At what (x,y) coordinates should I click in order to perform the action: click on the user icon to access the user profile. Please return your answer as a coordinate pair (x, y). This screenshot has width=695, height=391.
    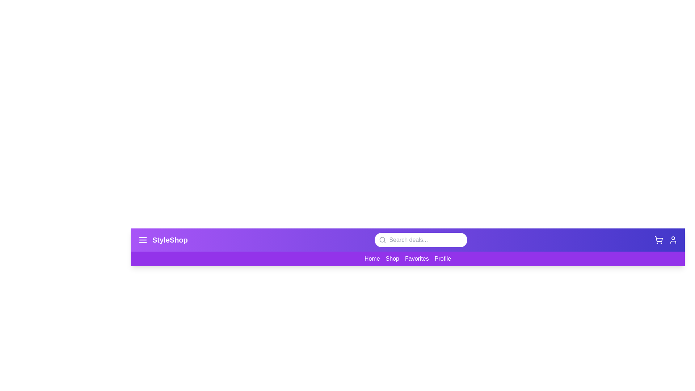
    Looking at the image, I should click on (673, 240).